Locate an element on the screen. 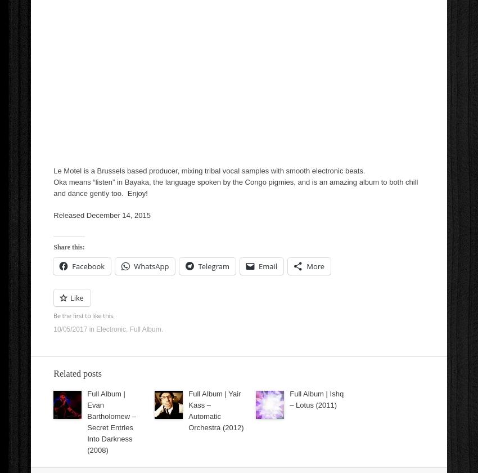 The width and height of the screenshot is (478, 473). 'Share this:' is located at coordinates (68, 247).